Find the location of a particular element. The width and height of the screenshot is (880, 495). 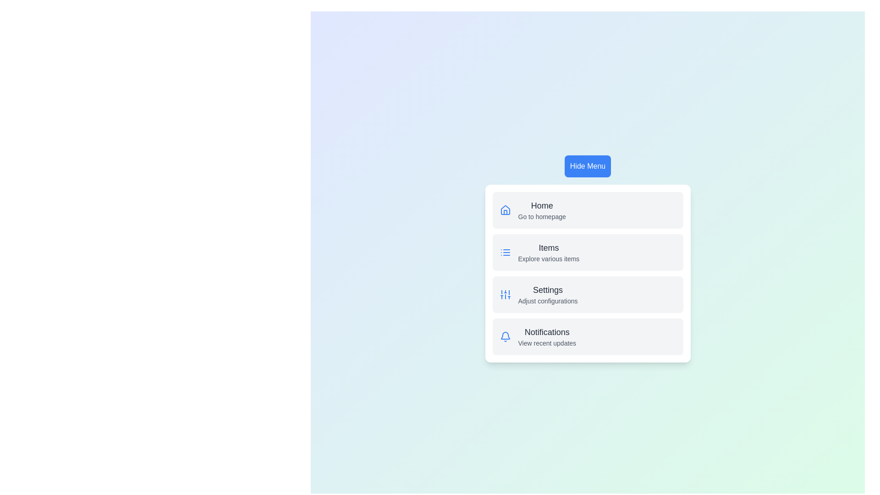

the menu item labeled Home is located at coordinates (542, 205).